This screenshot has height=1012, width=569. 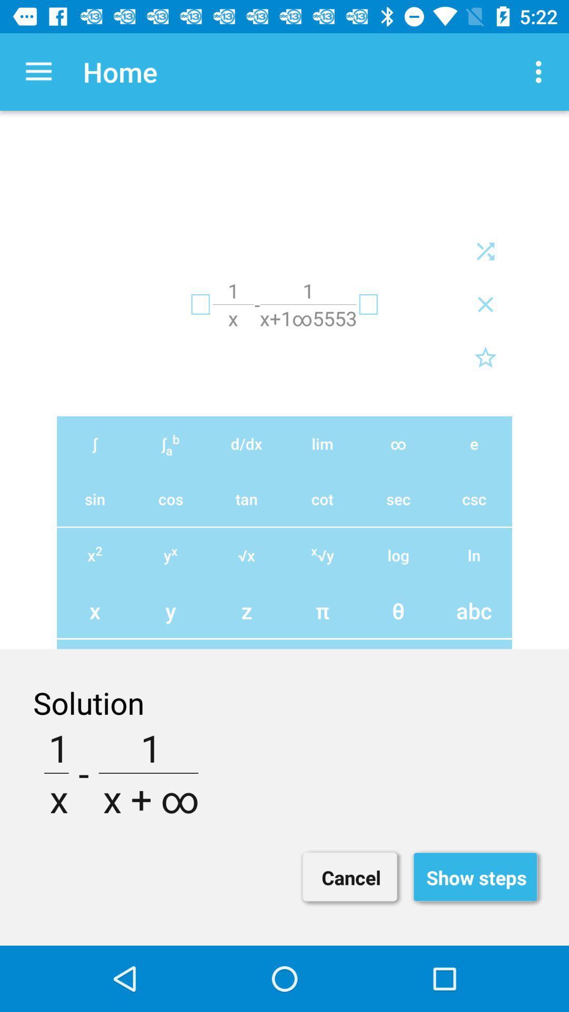 What do you see at coordinates (485, 250) in the screenshot?
I see `the close icon` at bounding box center [485, 250].